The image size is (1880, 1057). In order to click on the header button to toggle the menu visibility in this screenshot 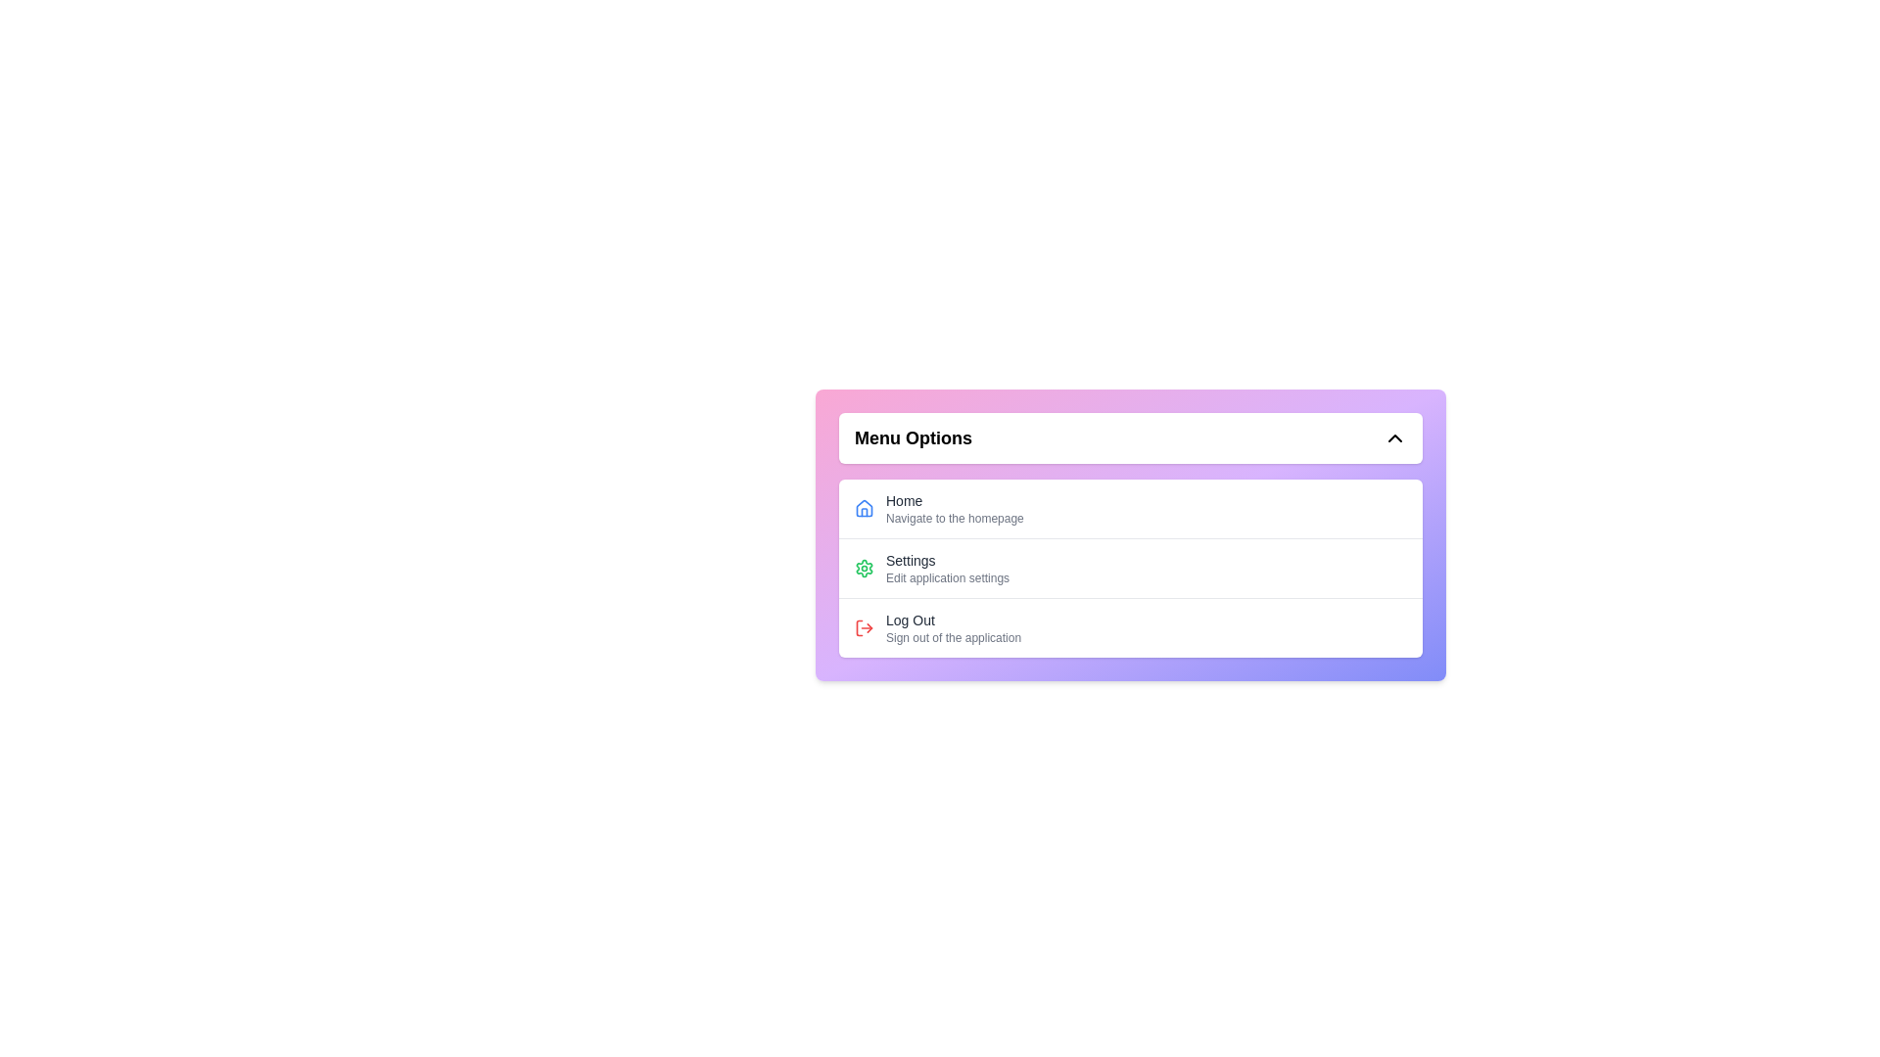, I will do `click(1131, 437)`.